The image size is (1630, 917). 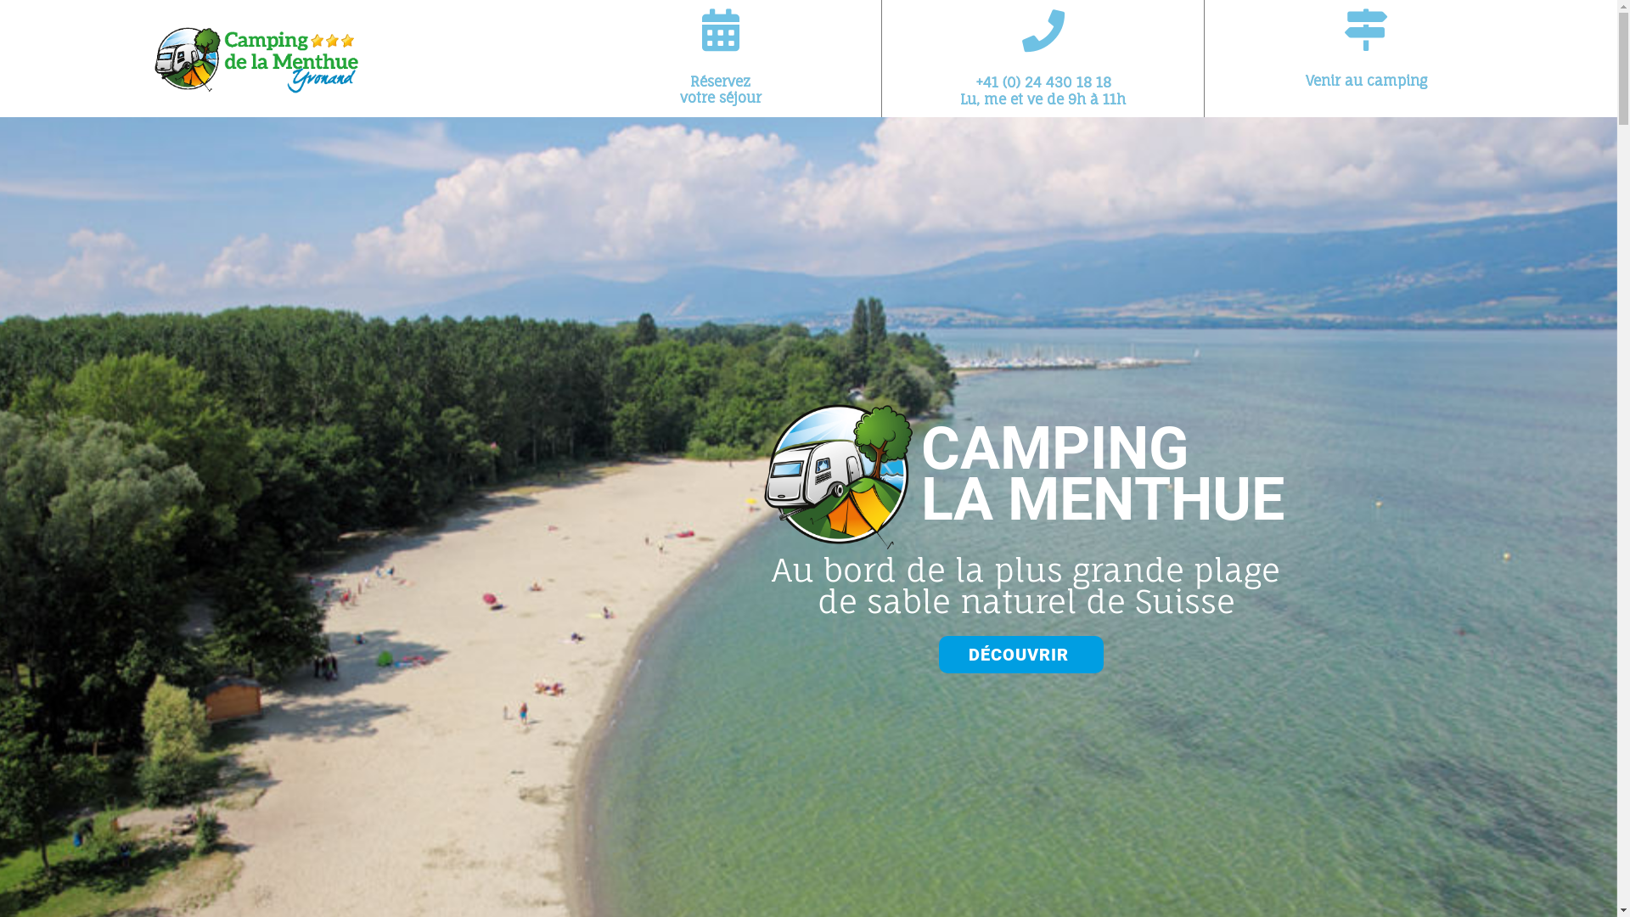 What do you see at coordinates (1366, 81) in the screenshot?
I see `'Venir au camping'` at bounding box center [1366, 81].